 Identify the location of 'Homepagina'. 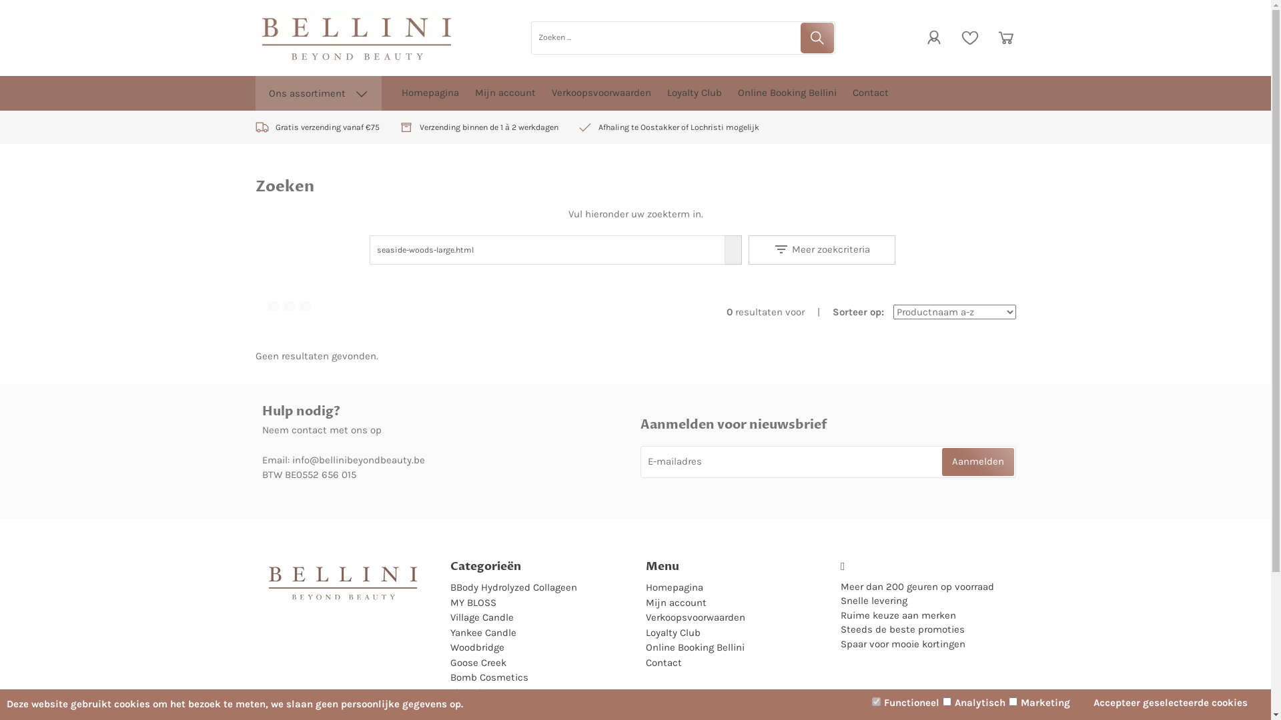
(430, 92).